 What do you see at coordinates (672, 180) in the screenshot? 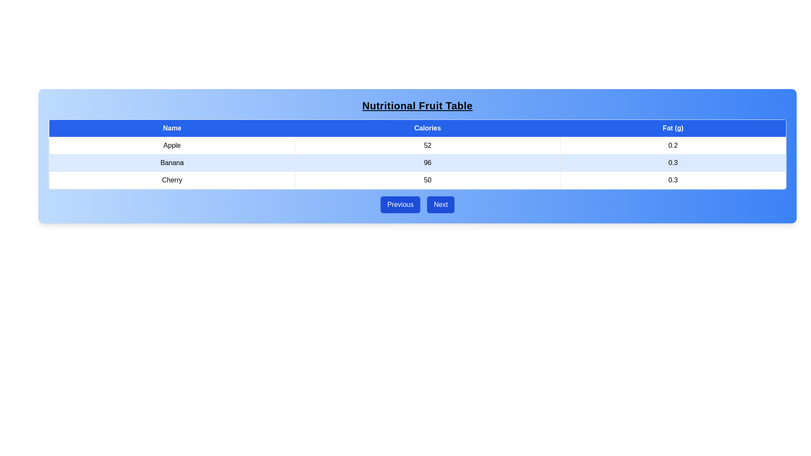
I see `the table cell displaying the value '0.3' in the 'Nutritional Fruit Table' that corresponds to 'Cherry' data` at bounding box center [672, 180].